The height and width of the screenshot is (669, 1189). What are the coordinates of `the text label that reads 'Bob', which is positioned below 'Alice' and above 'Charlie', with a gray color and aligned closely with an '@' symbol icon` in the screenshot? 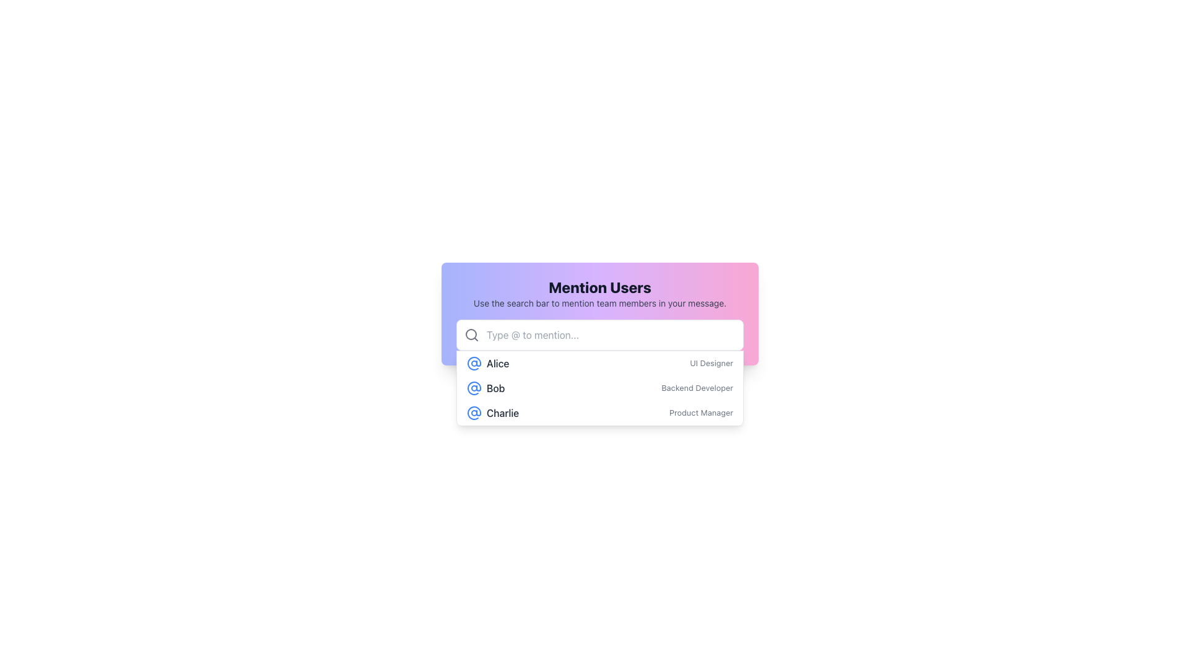 It's located at (495, 388).